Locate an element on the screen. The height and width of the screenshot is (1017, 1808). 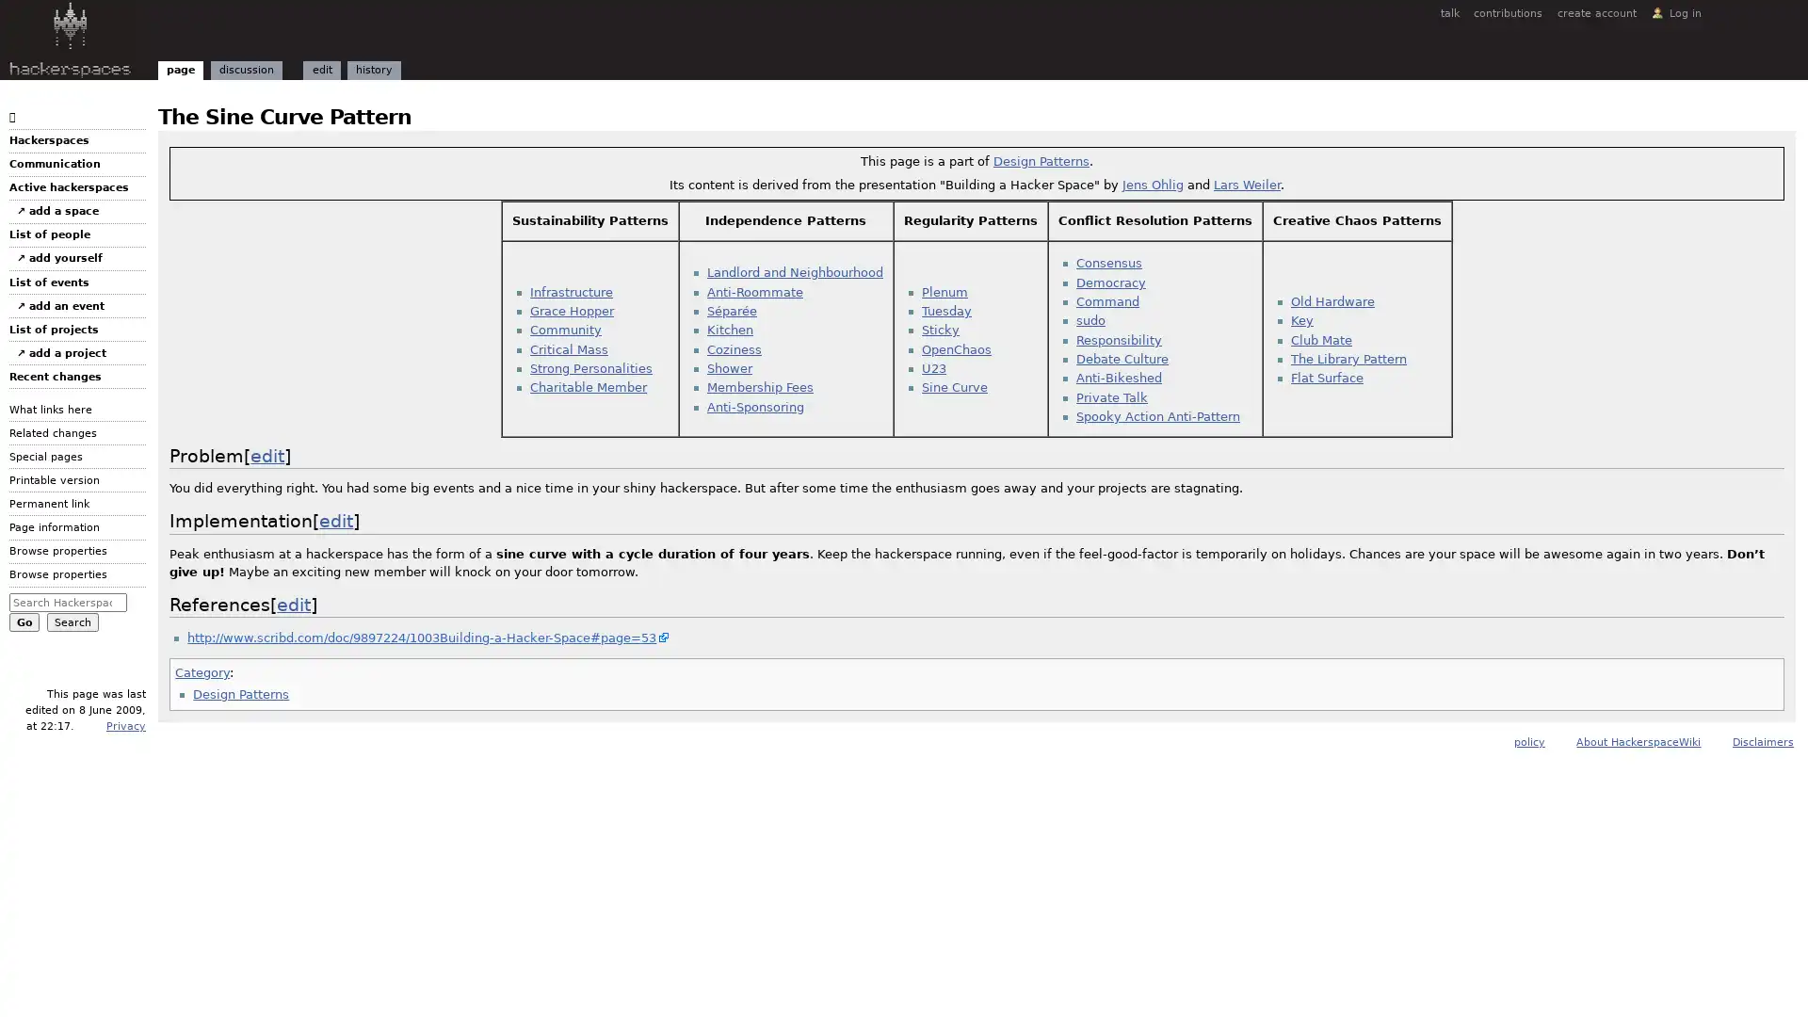
Search is located at coordinates (73, 621).